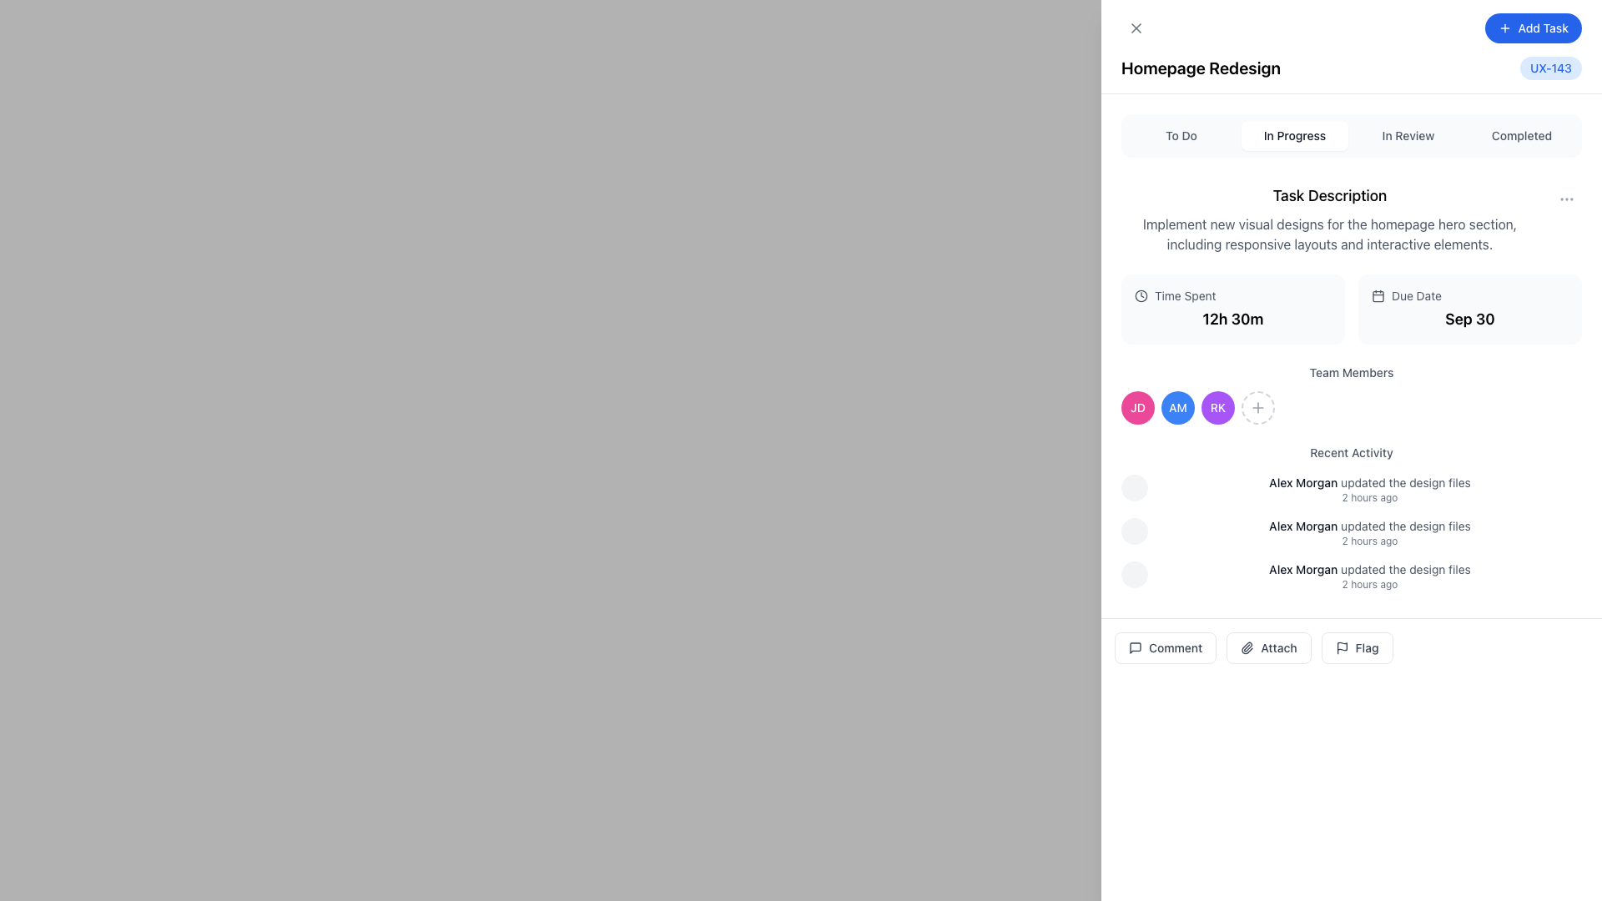  I want to click on the second avatar, so click(1176, 408).